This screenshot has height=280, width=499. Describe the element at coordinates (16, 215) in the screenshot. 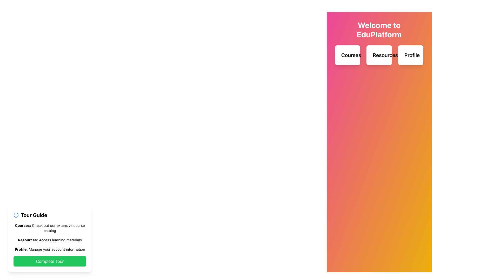

I see `the blue outlined circle icon indicating informational content in the 'Tour Guide' section` at that location.